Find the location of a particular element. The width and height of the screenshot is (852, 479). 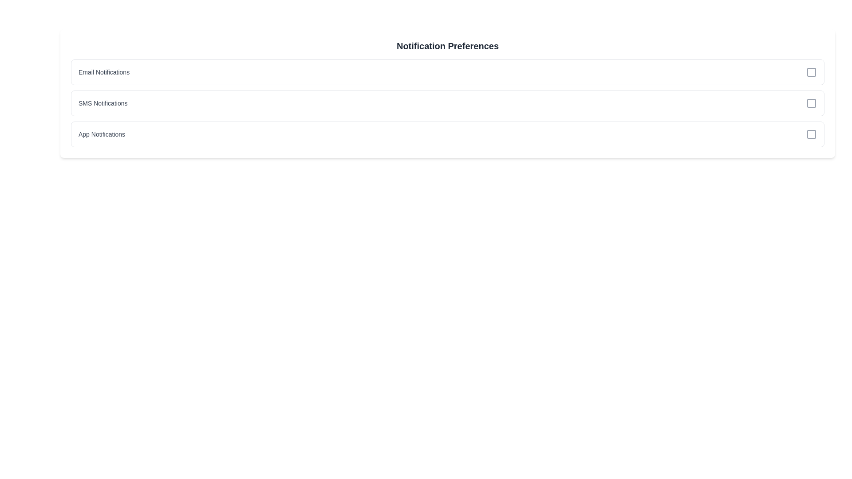

the second checkbox adjacent to the 'SMS Notifications' label in the 'Notification Preferences' section is located at coordinates (811, 102).